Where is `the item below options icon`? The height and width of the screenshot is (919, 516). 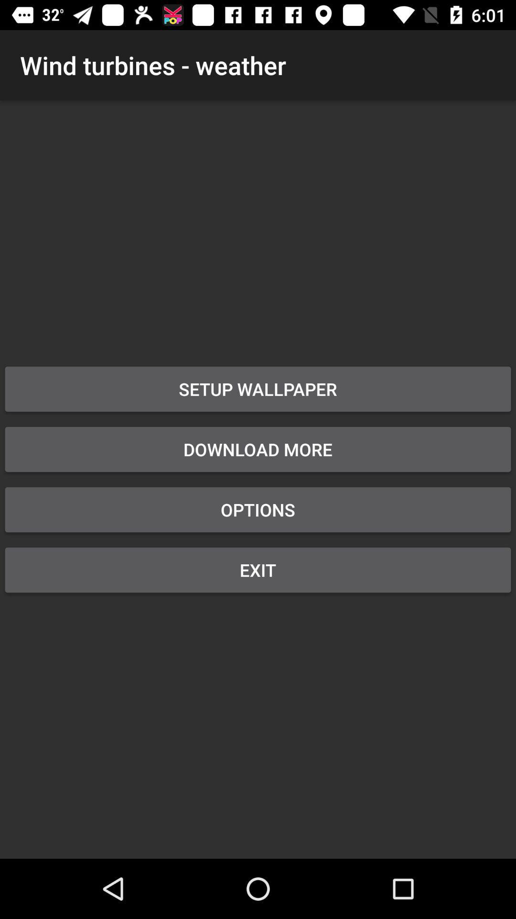 the item below options icon is located at coordinates (258, 570).